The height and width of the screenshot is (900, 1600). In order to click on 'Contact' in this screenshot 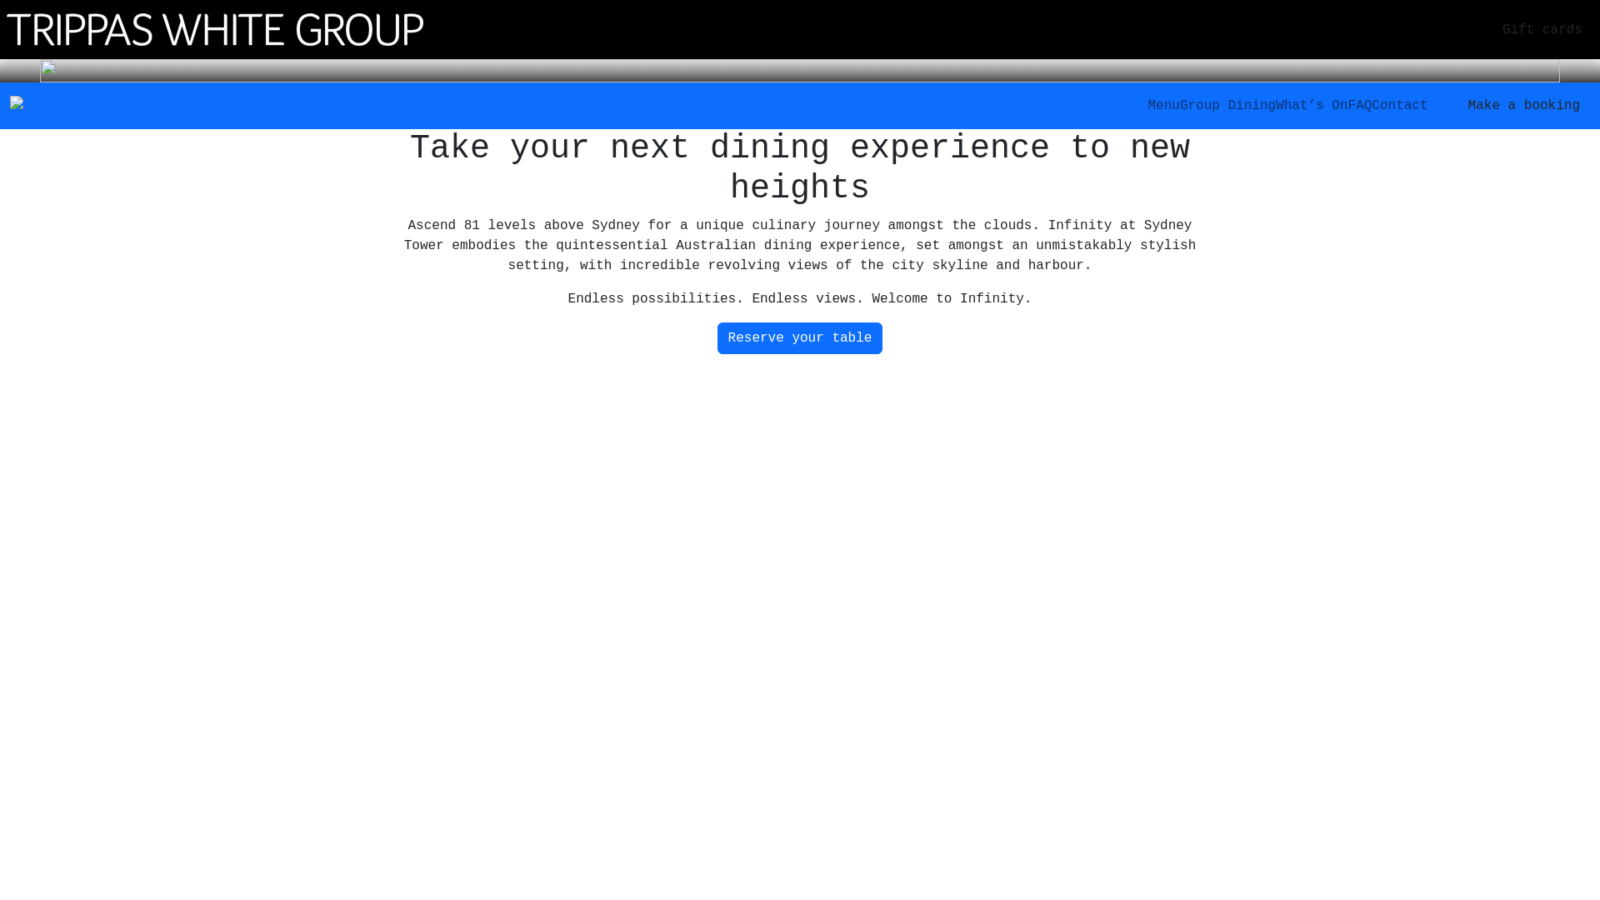, I will do `click(1399, 106)`.